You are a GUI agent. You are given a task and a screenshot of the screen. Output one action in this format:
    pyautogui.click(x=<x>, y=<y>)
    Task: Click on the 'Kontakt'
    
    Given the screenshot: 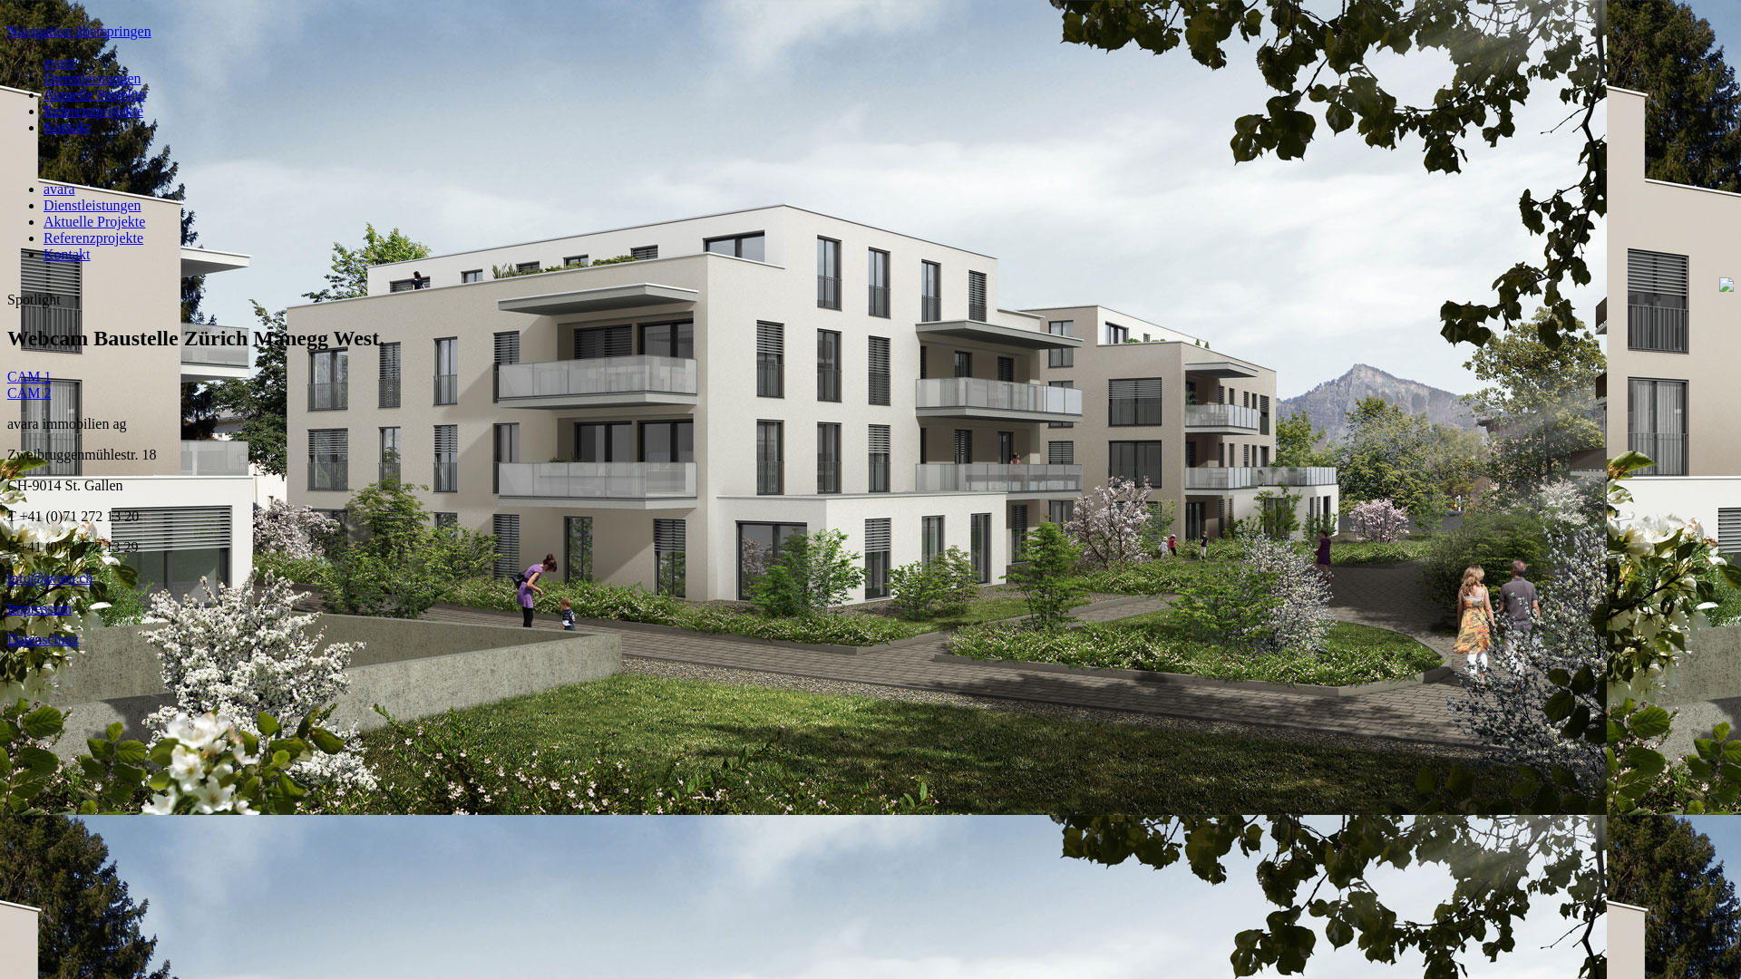 What is the action you would take?
    pyautogui.click(x=66, y=126)
    